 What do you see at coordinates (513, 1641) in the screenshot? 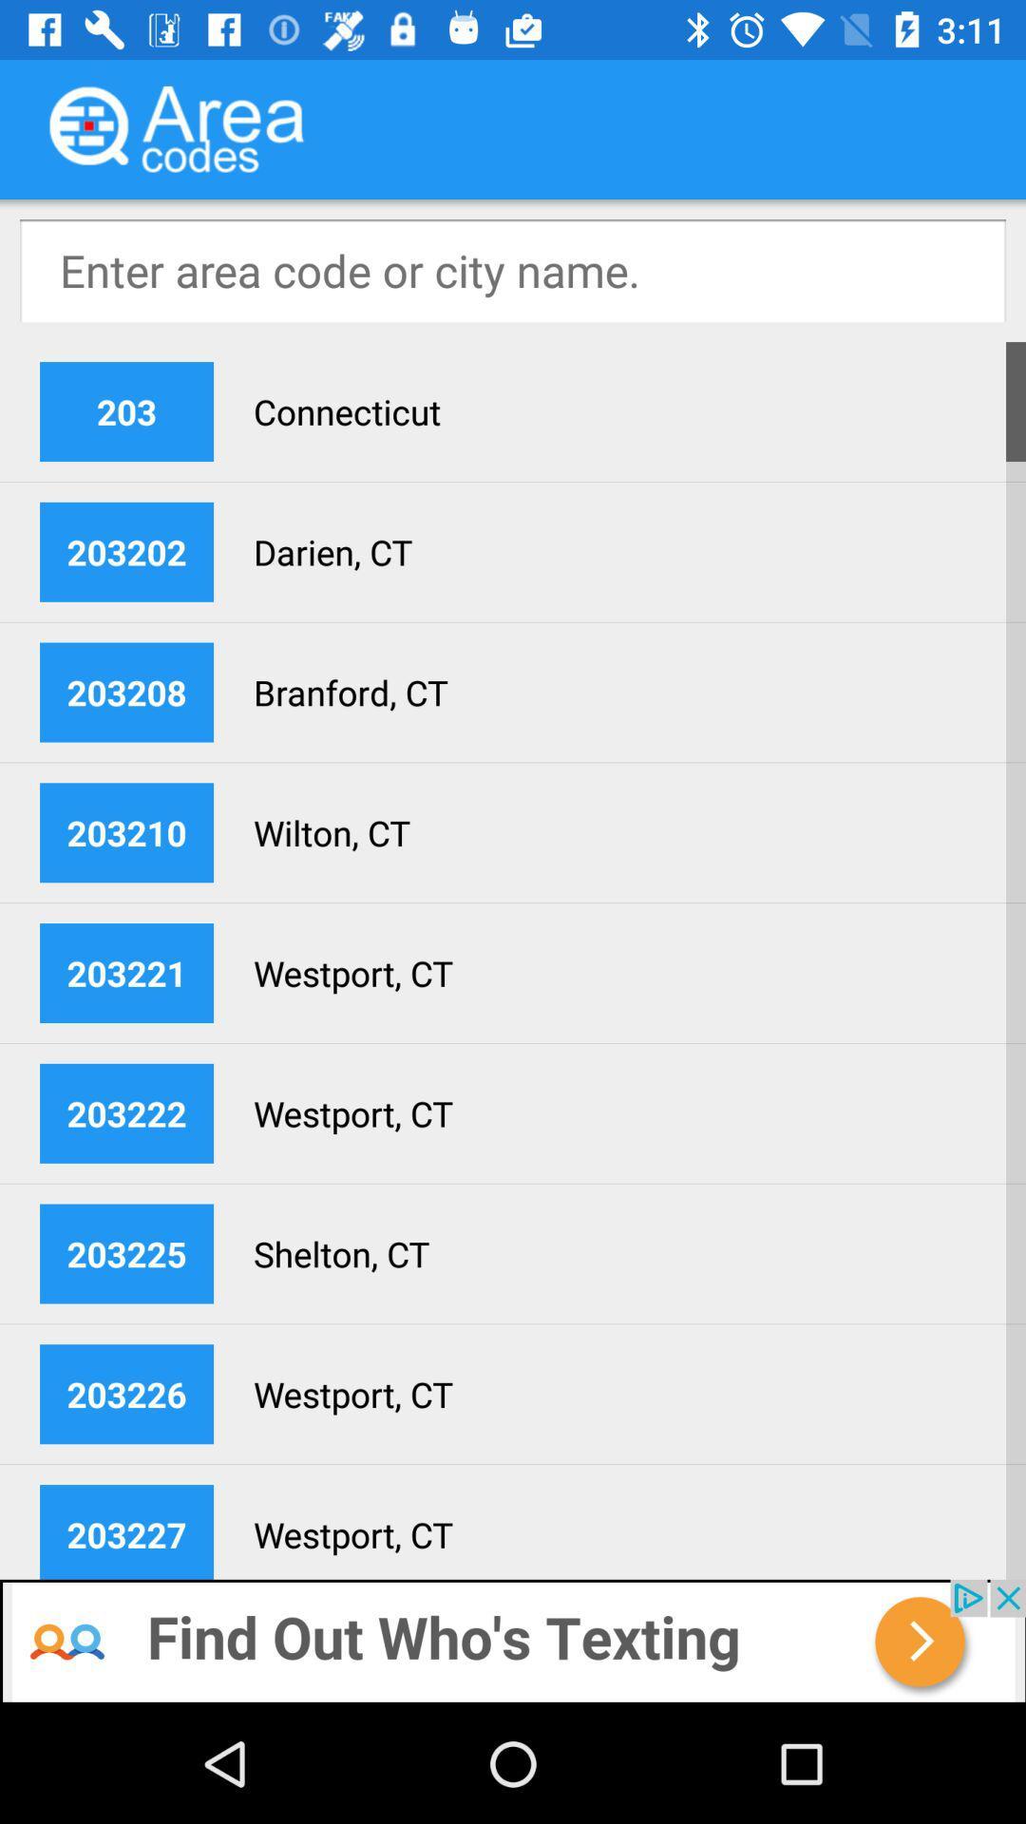
I see `back farce` at bounding box center [513, 1641].